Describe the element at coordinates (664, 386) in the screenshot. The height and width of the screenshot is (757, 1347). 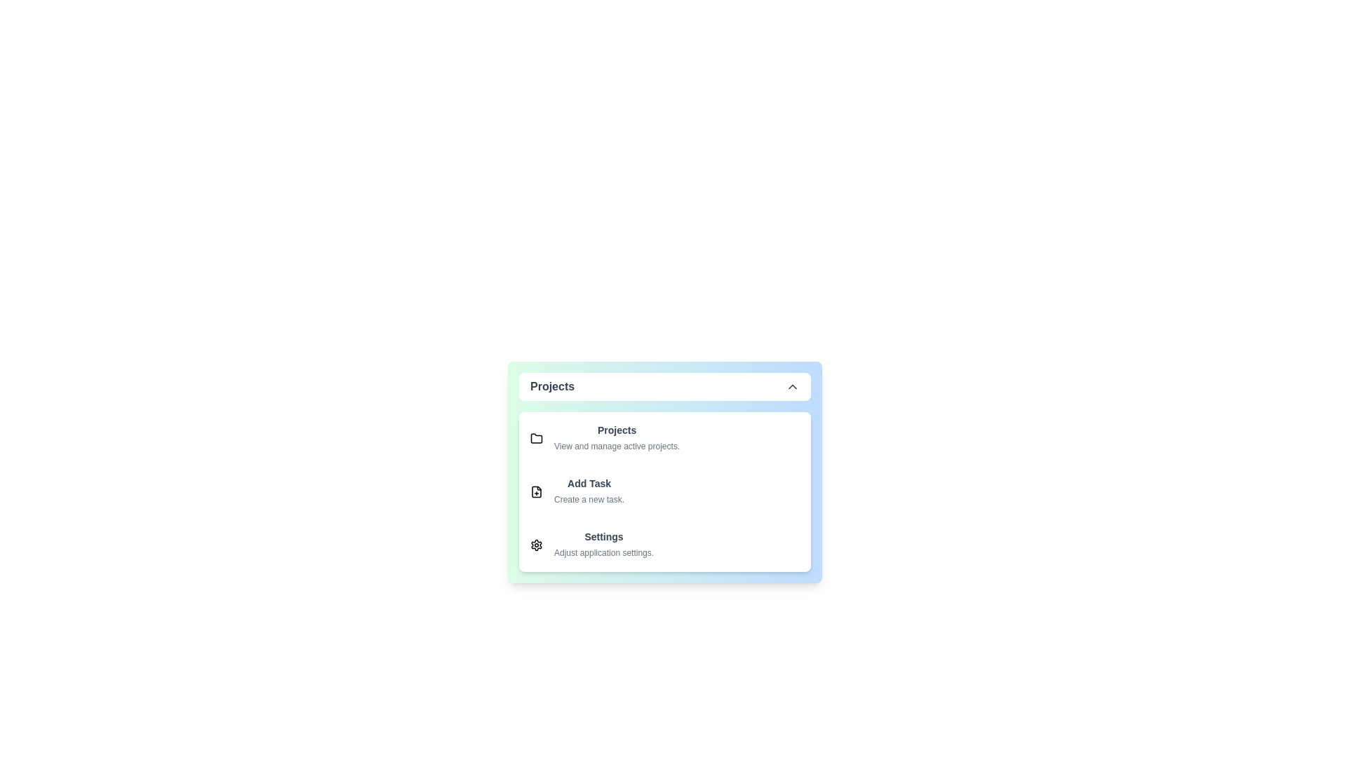
I see `toggle button to open or close the menu` at that location.